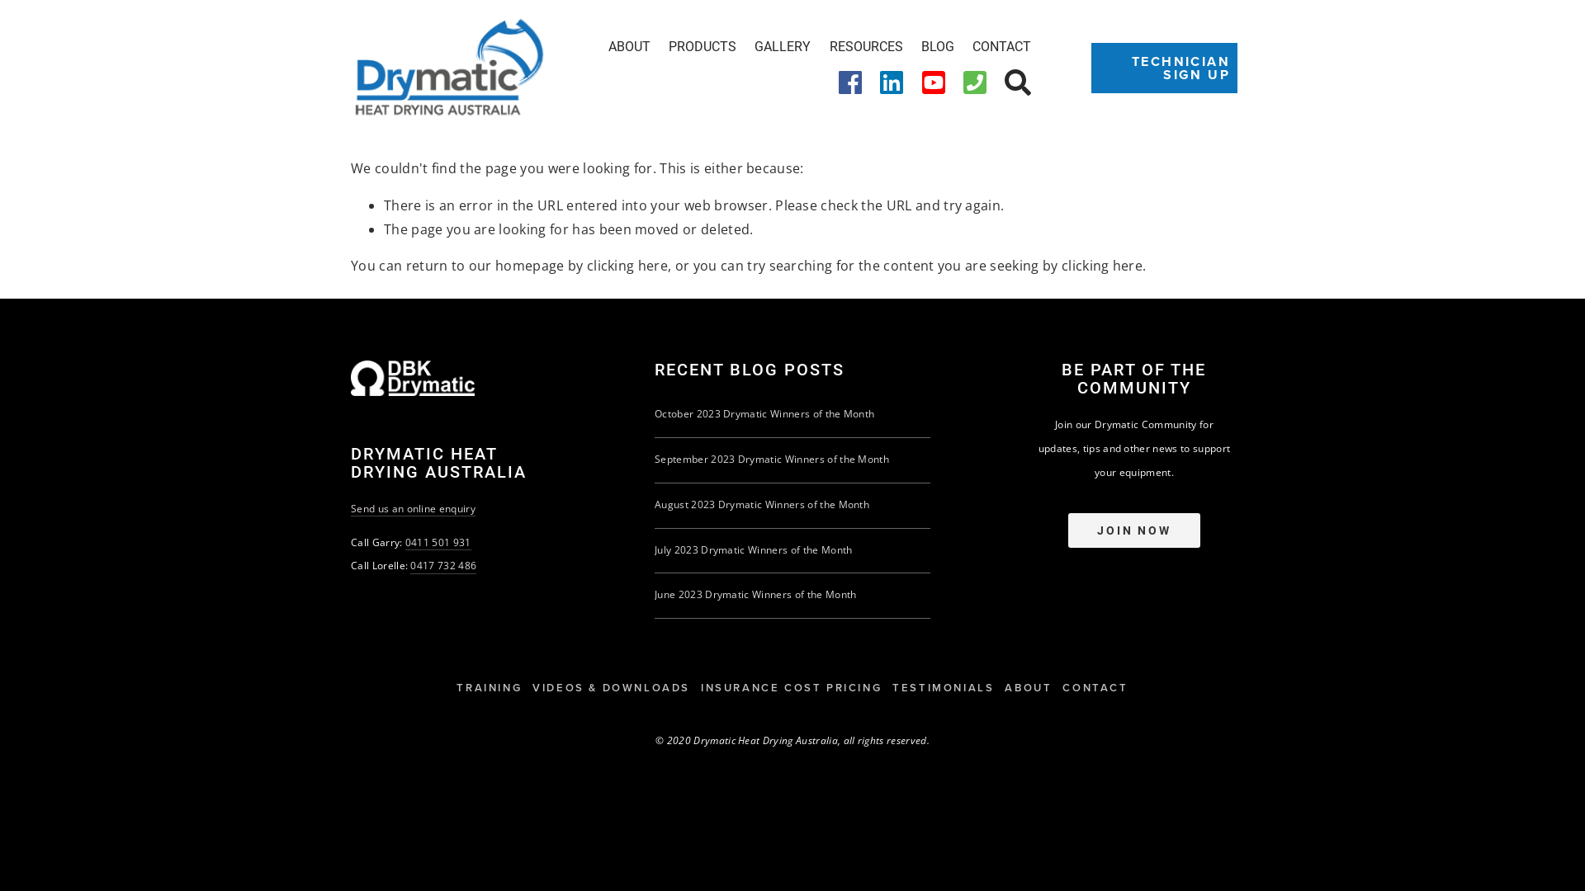  What do you see at coordinates (438, 543) in the screenshot?
I see `'0411 501 931'` at bounding box center [438, 543].